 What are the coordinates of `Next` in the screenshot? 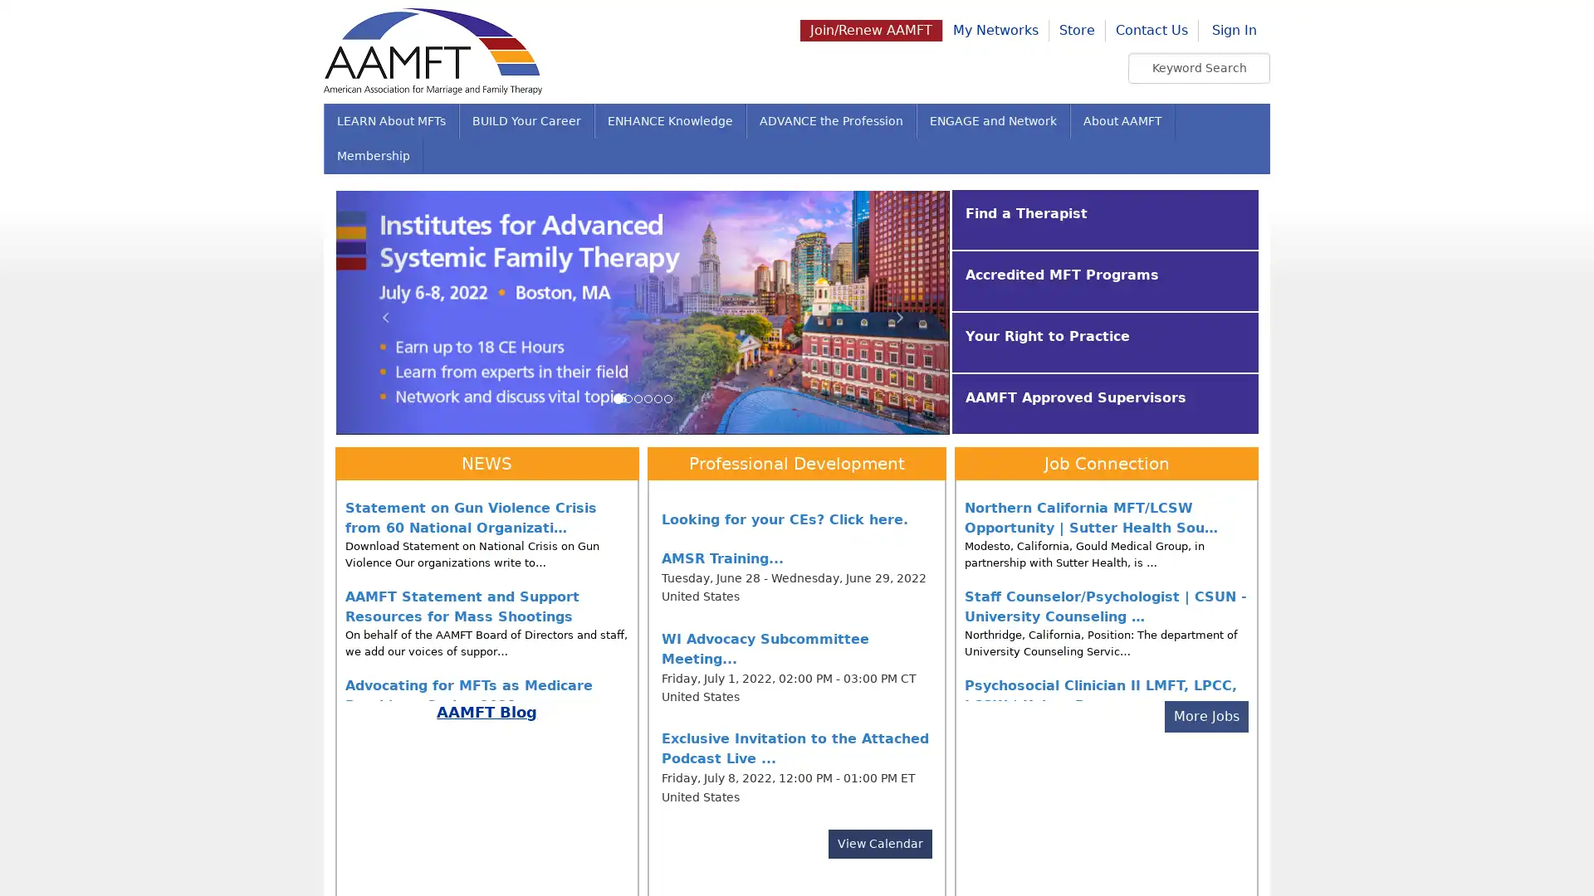 It's located at (902, 311).